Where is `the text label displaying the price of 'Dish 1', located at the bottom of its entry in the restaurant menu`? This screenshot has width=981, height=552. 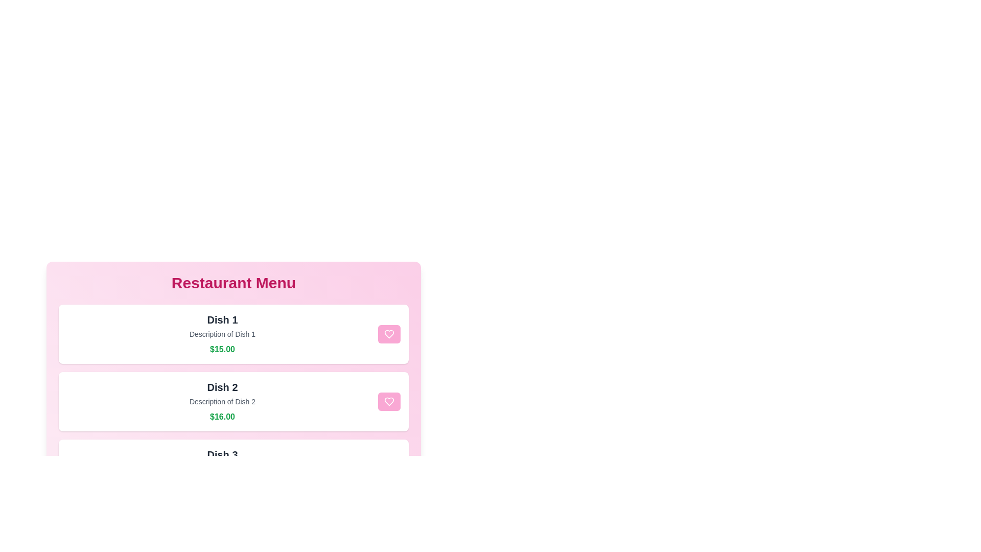
the text label displaying the price of 'Dish 1', located at the bottom of its entry in the restaurant menu is located at coordinates (222, 349).